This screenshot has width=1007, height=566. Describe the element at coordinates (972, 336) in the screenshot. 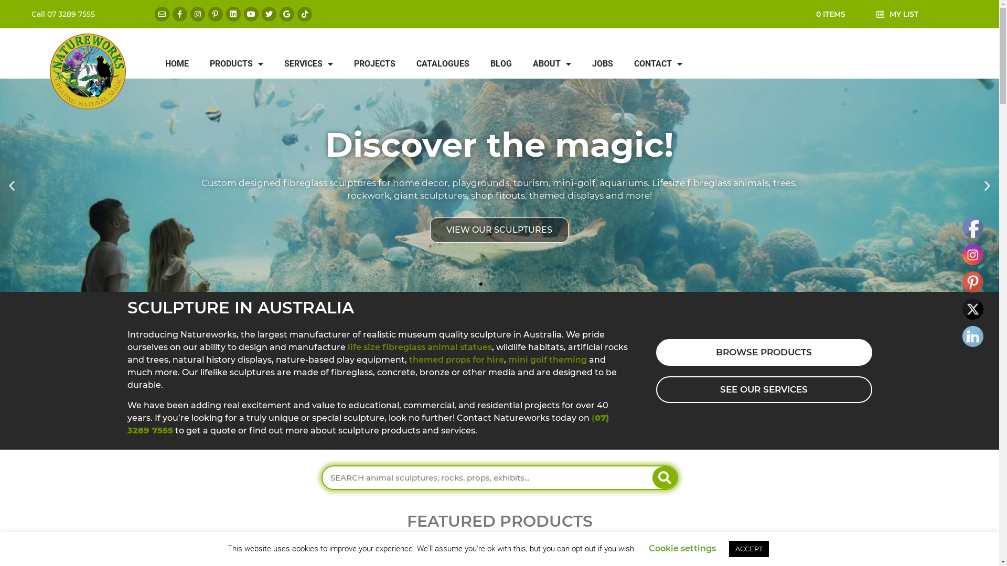

I see `'LinkedIn'` at that location.